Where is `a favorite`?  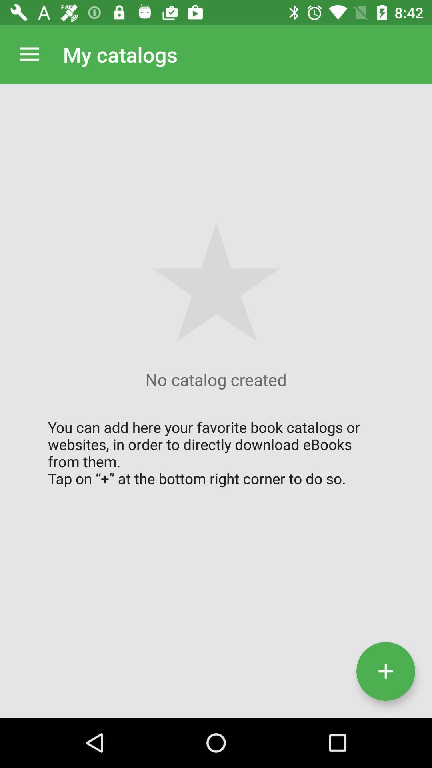 a favorite is located at coordinates (385, 671).